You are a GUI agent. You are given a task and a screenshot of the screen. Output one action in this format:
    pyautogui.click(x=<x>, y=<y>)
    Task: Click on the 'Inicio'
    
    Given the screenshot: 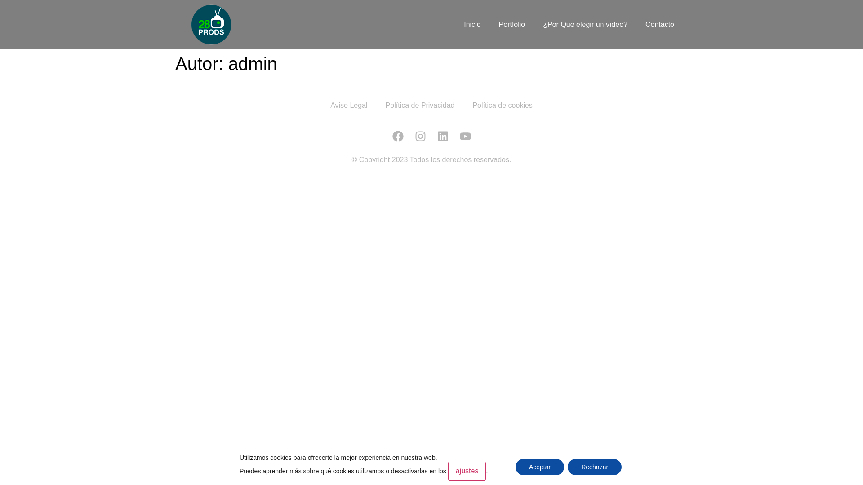 What is the action you would take?
    pyautogui.click(x=472, y=24)
    